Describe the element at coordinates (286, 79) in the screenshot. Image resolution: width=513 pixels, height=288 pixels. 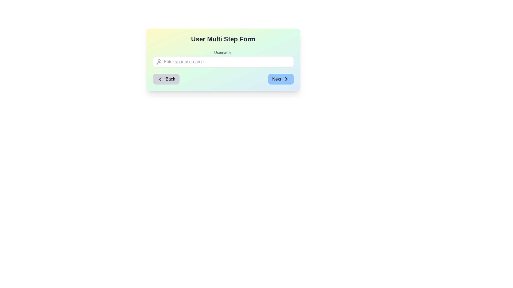
I see `the chevron icon that indicates progression to the next step in the User Multi Step Form interface, located to the right of the Next button` at that location.